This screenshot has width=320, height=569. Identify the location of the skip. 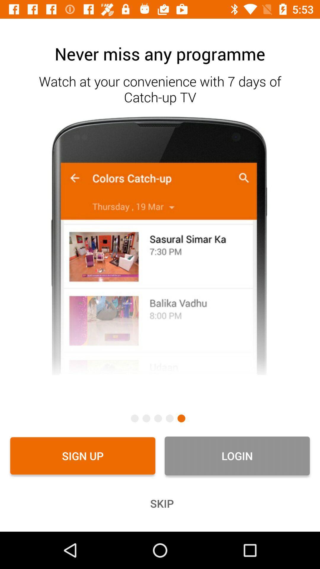
(160, 503).